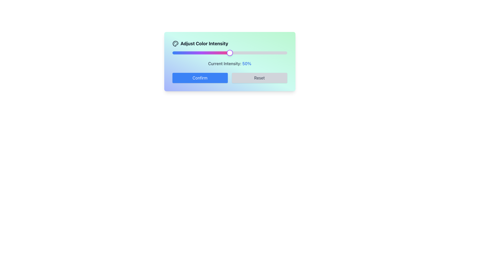 The width and height of the screenshot is (492, 276). Describe the element at coordinates (200, 78) in the screenshot. I see `the 'Confirm' button, which is a bright blue rectangular button with rounded corners featuring white text, to confirm the choice` at that location.